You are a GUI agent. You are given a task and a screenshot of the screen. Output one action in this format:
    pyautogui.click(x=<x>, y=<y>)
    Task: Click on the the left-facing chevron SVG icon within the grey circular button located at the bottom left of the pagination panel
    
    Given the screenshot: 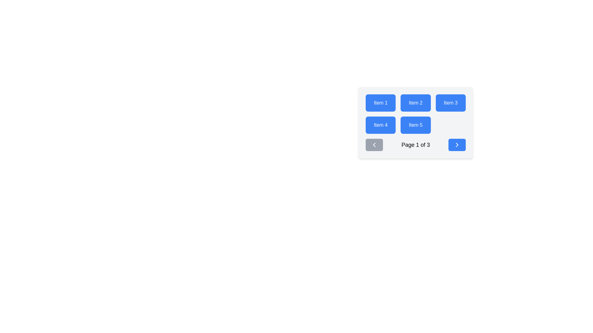 What is the action you would take?
    pyautogui.click(x=374, y=145)
    